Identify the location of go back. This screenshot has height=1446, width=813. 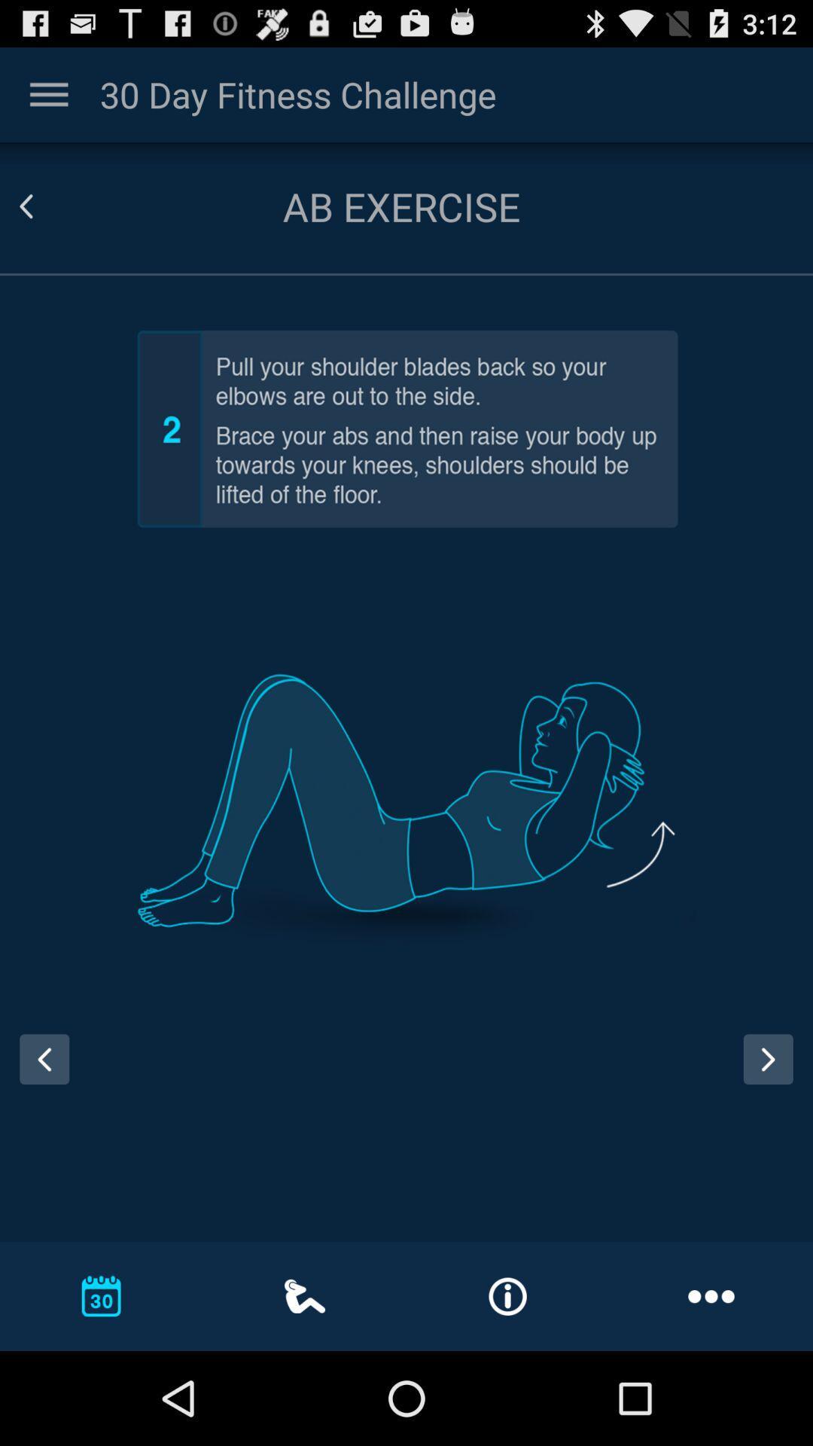
(44, 206).